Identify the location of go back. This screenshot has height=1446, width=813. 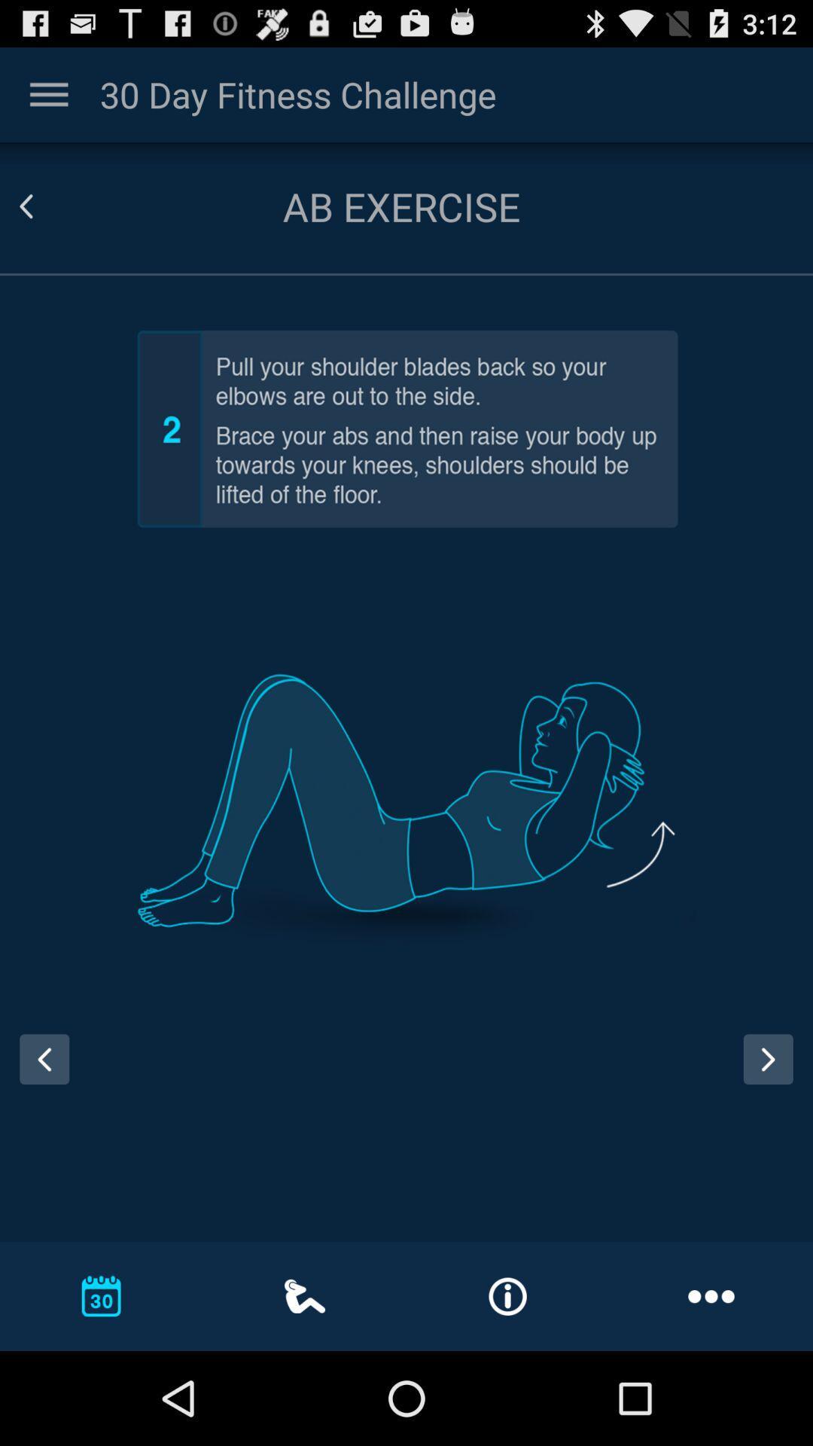
(44, 206).